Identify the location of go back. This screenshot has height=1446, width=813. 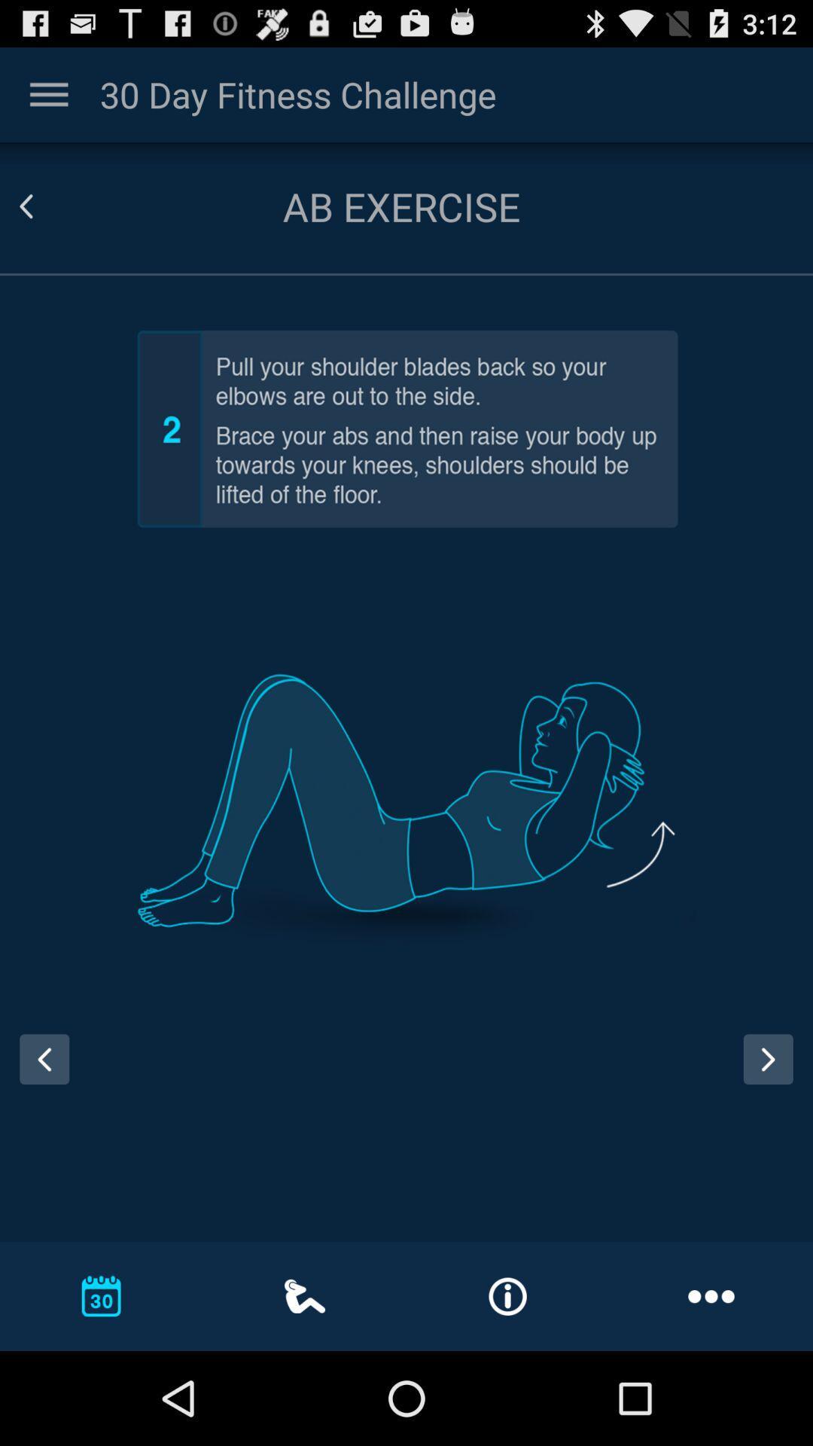
(44, 206).